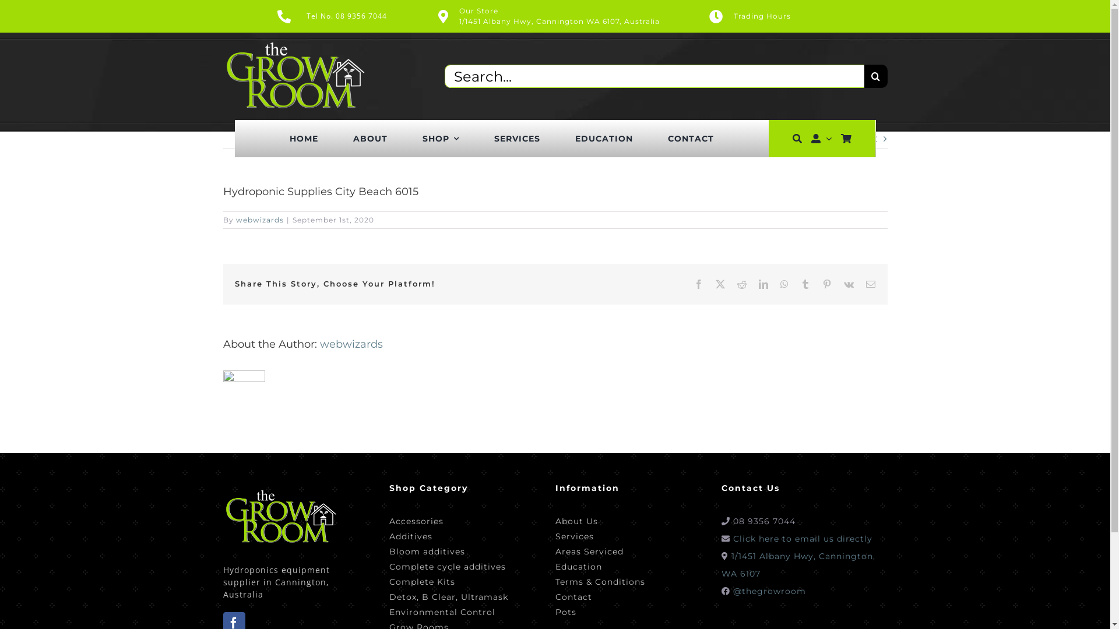 The height and width of the screenshot is (629, 1119). Describe the element at coordinates (389, 610) in the screenshot. I see `'Environmental Control'` at that location.